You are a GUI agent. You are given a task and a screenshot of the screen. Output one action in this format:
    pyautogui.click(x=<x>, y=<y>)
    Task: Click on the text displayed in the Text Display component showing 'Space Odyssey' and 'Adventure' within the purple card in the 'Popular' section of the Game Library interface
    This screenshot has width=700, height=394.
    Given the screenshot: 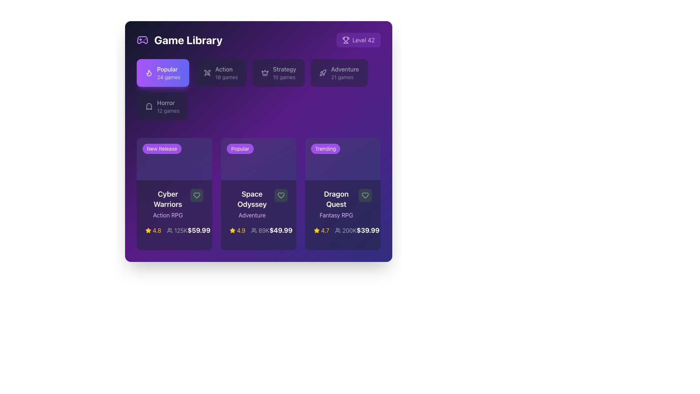 What is the action you would take?
    pyautogui.click(x=252, y=204)
    